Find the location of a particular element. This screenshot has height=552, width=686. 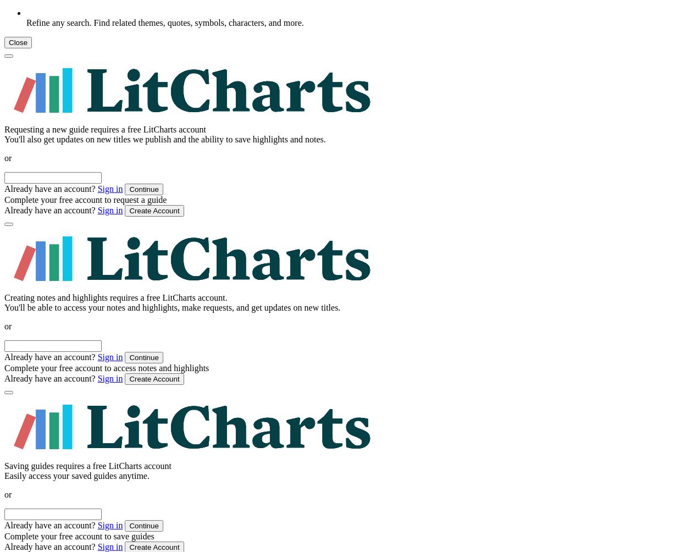

'Close' is located at coordinates (18, 42).